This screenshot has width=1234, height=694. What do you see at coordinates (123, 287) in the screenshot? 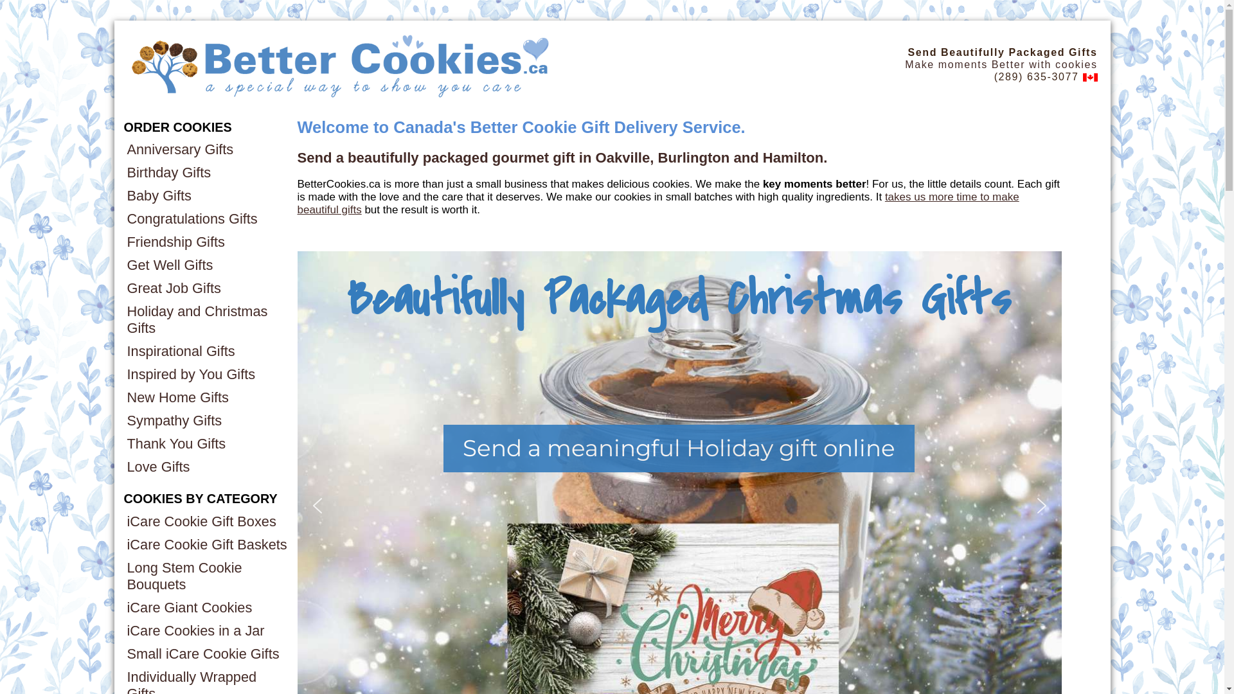
I see `'Great Job Gifts'` at bounding box center [123, 287].